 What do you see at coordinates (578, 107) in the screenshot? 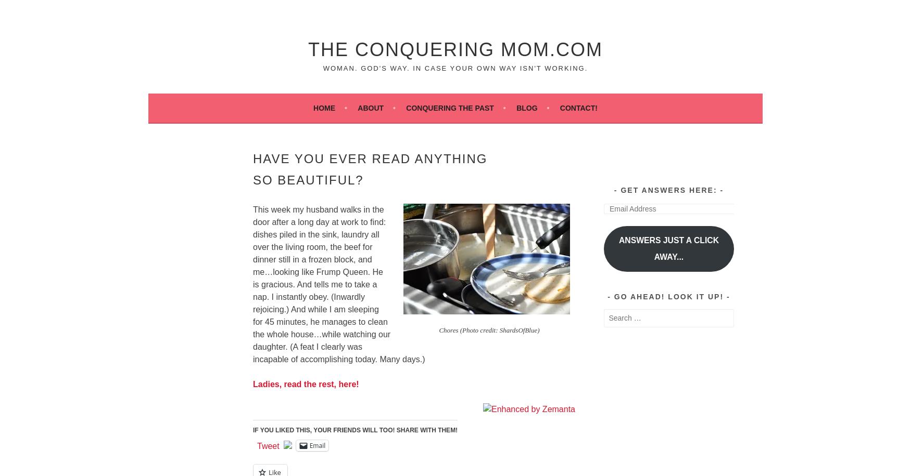
I see `'Contact!'` at bounding box center [578, 107].